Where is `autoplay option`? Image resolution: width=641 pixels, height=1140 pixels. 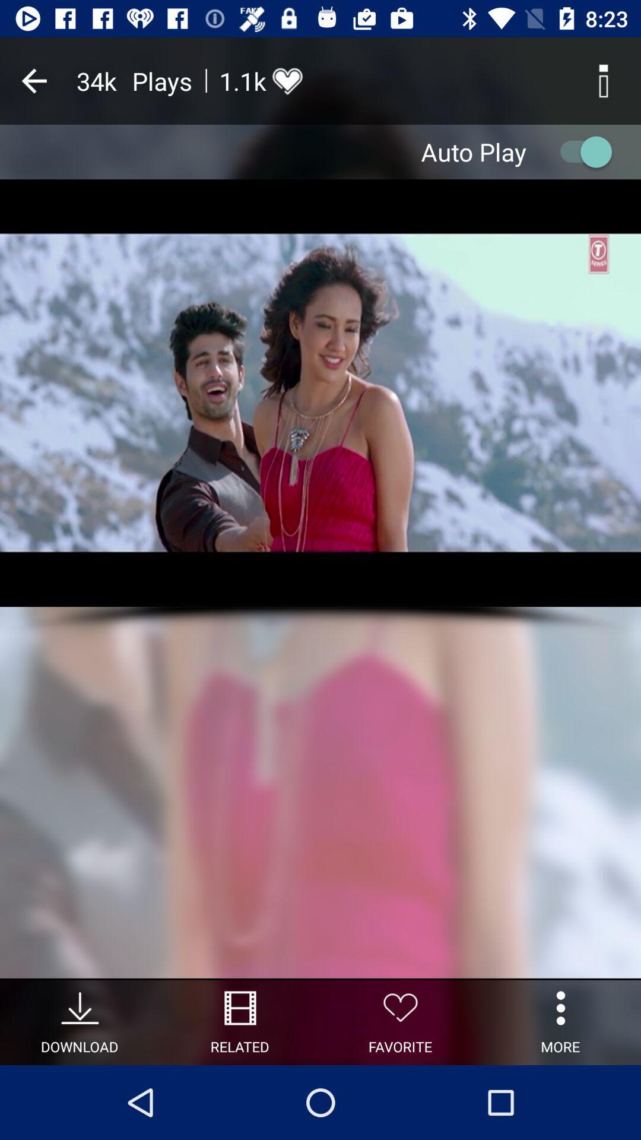
autoplay option is located at coordinates (580, 151).